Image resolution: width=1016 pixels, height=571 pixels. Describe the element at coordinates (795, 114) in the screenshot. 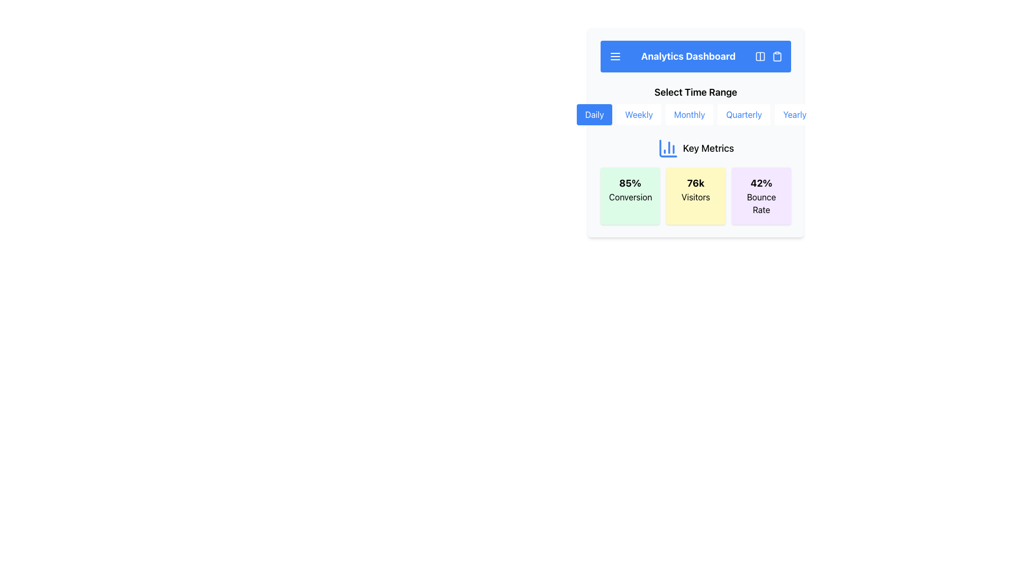

I see `the 'Yearly' time range button located in the horizontal row below the header 'Select Time Range', which is the fifth button positioned to the far right` at that location.